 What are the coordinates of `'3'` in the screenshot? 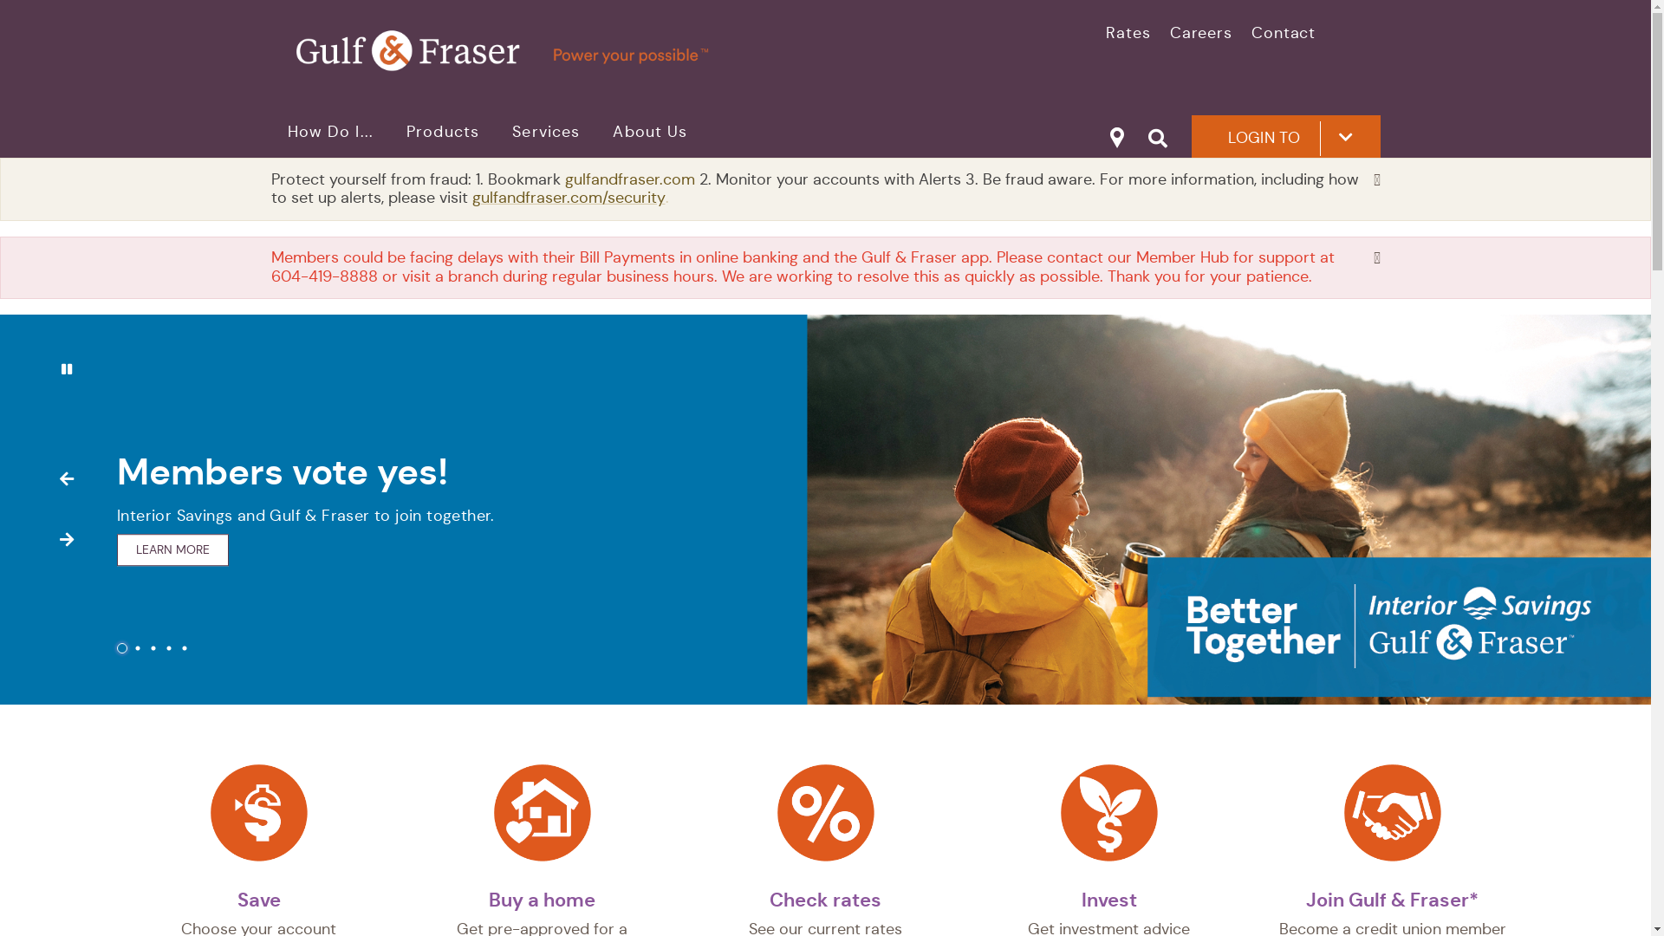 It's located at (148, 648).